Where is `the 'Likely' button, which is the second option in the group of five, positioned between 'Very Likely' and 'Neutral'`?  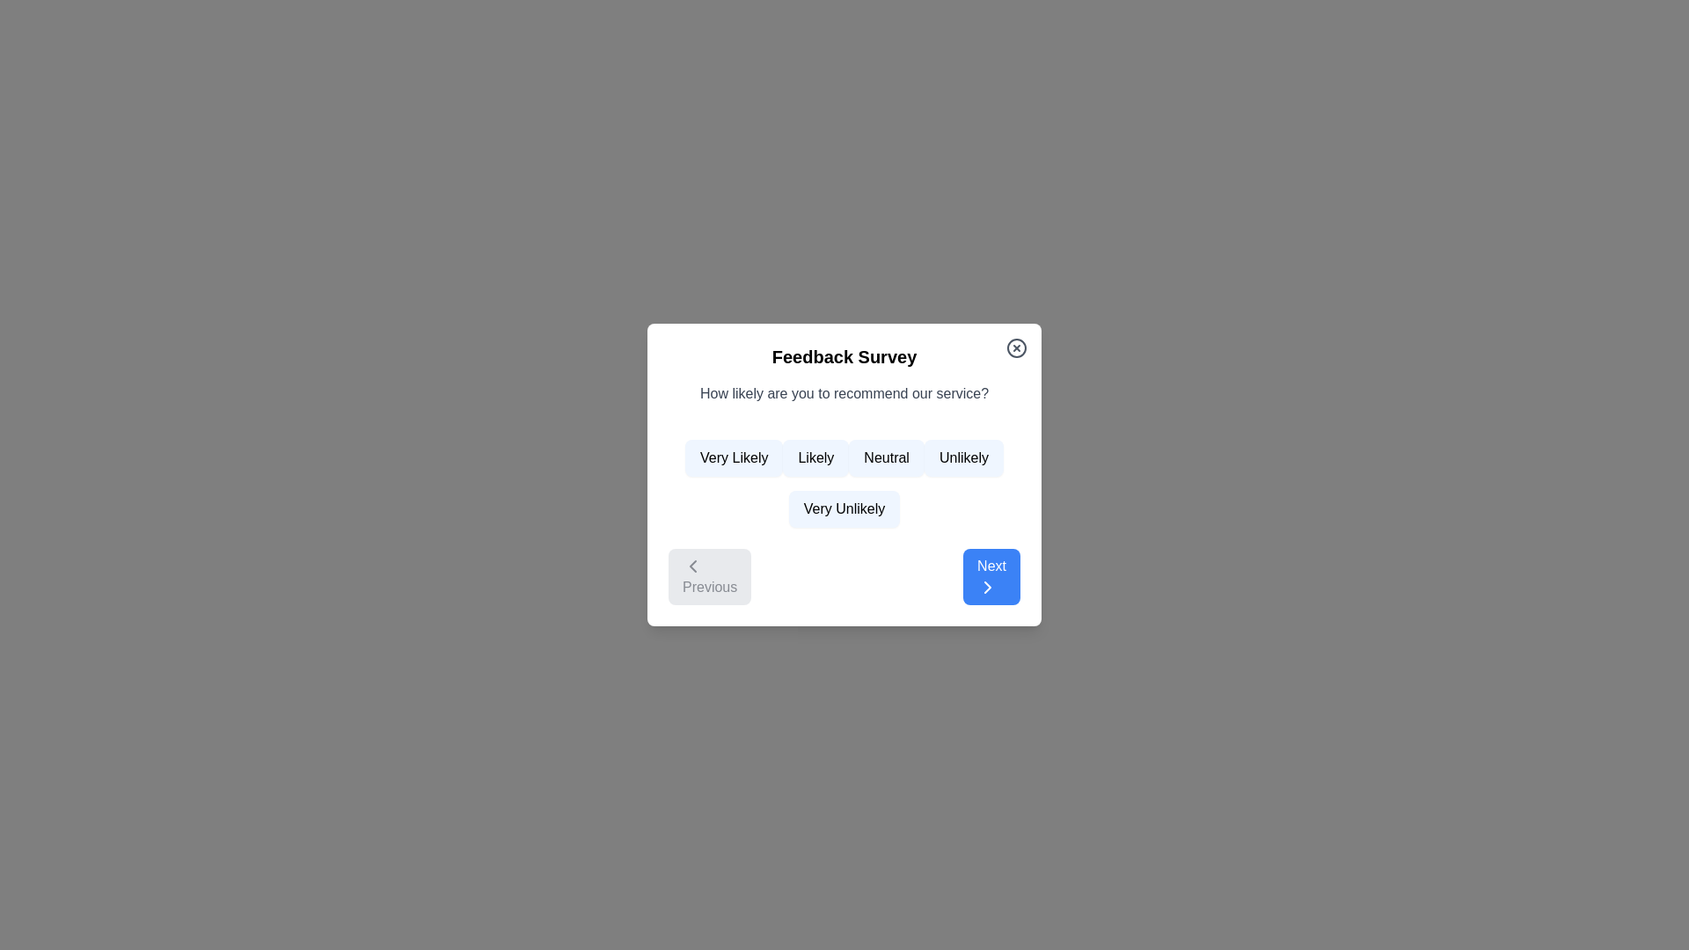 the 'Likely' button, which is the second option in the group of five, positioned between 'Very Likely' and 'Neutral' is located at coordinates (815, 457).